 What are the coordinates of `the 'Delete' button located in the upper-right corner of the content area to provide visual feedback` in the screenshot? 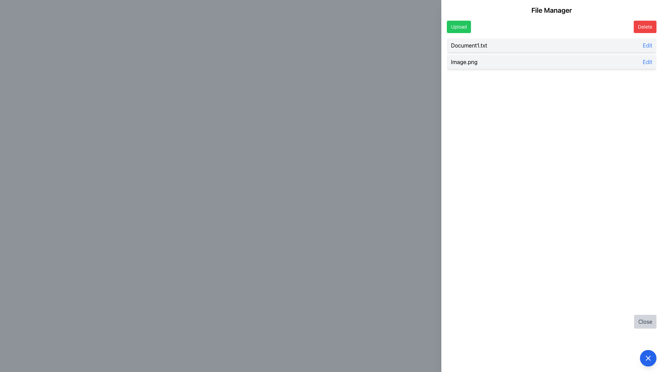 It's located at (645, 26).